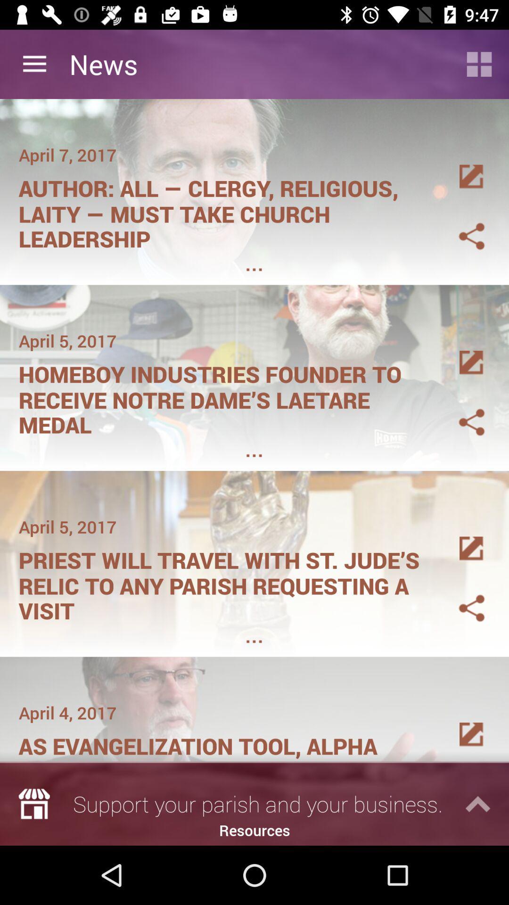 The image size is (509, 905). I want to click on share the article, so click(460, 596).